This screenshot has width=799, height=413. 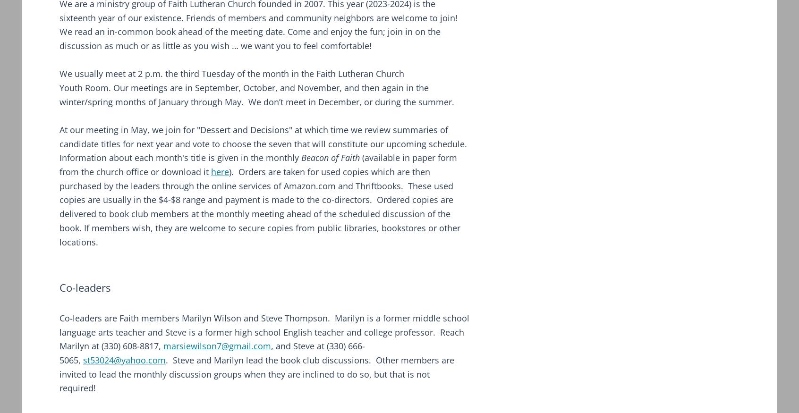 What do you see at coordinates (258, 165) in the screenshot?
I see `'(available in paper form from the church office or download it'` at bounding box center [258, 165].